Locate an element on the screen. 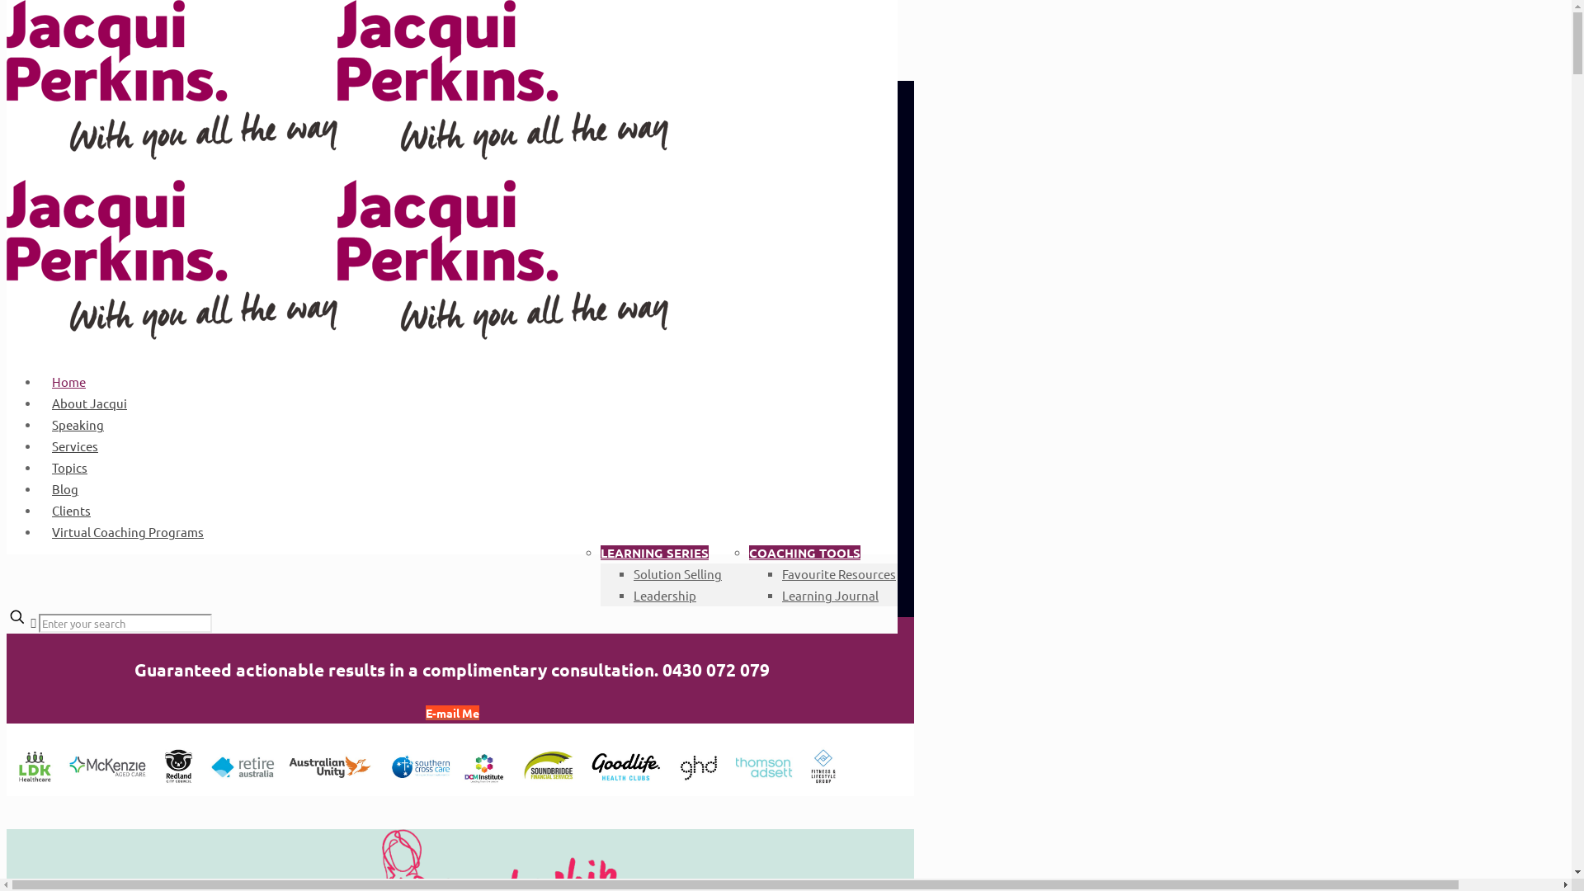 This screenshot has height=891, width=1584. 'COACHING TOOLS' is located at coordinates (804, 553).